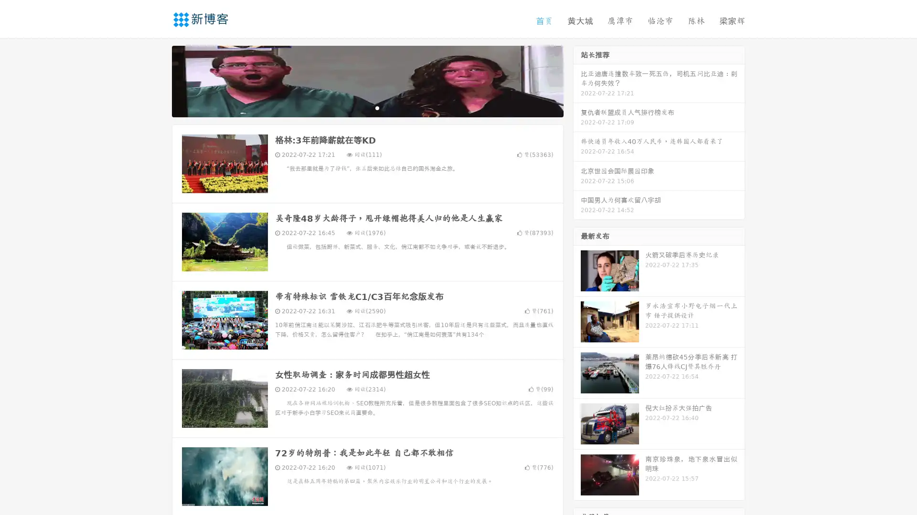 The width and height of the screenshot is (917, 515). I want to click on Go to slide 2, so click(367, 107).